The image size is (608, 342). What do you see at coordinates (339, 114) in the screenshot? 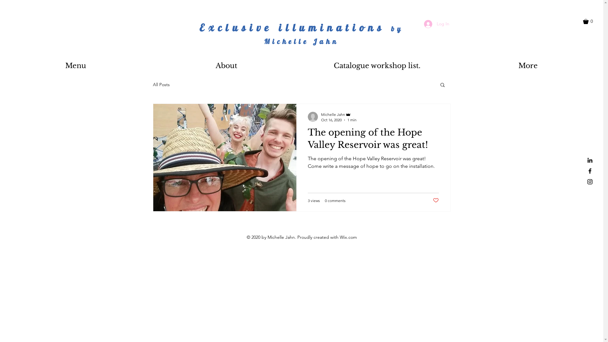
I see `'Michelle Jahn'` at bounding box center [339, 114].